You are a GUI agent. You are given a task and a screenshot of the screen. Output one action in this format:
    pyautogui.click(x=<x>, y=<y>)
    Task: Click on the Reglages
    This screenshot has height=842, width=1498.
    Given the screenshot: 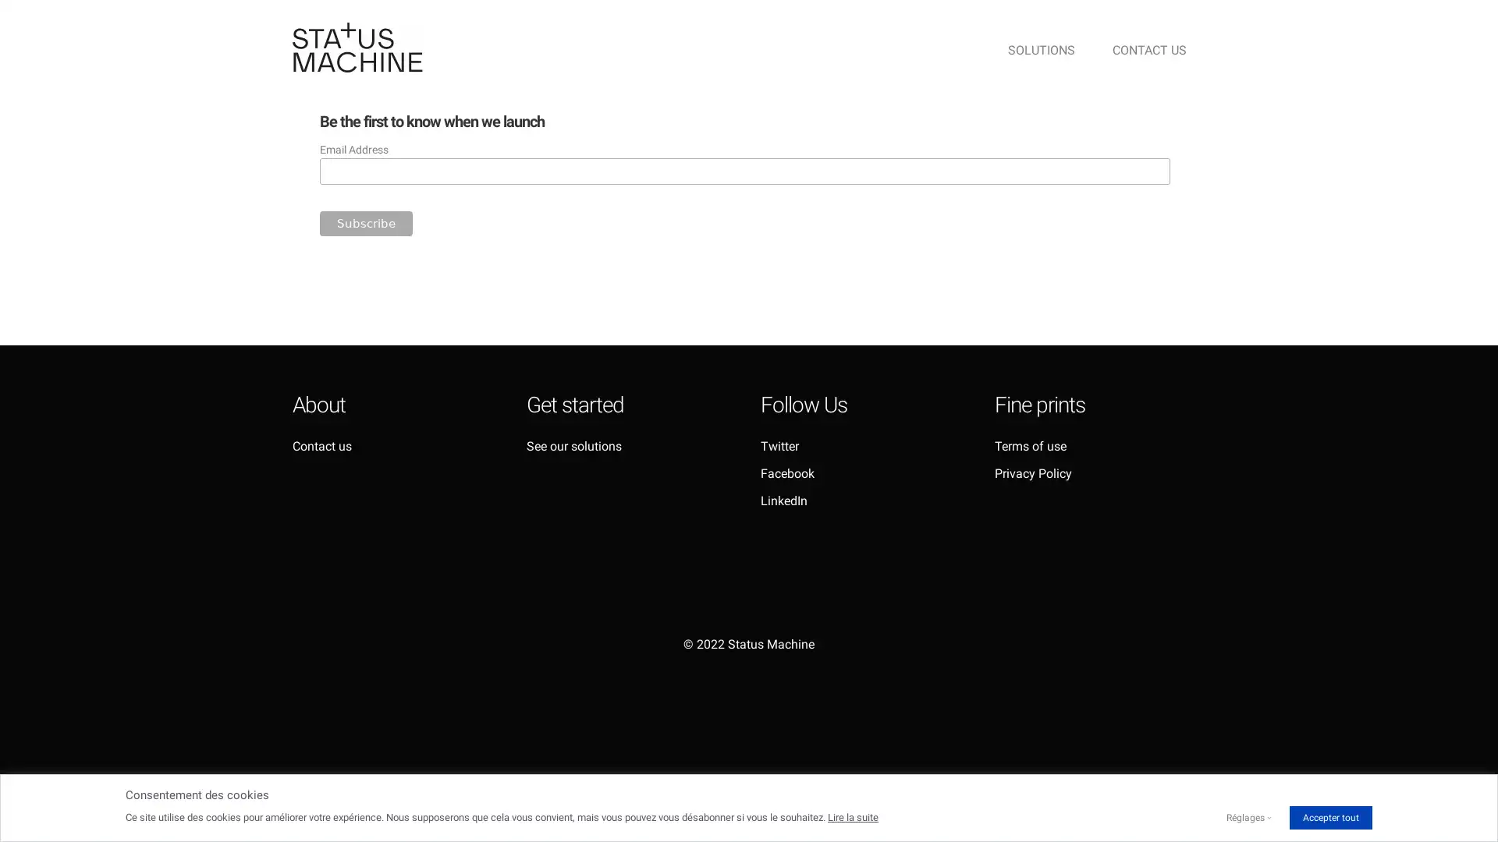 What is the action you would take?
    pyautogui.click(x=1244, y=817)
    